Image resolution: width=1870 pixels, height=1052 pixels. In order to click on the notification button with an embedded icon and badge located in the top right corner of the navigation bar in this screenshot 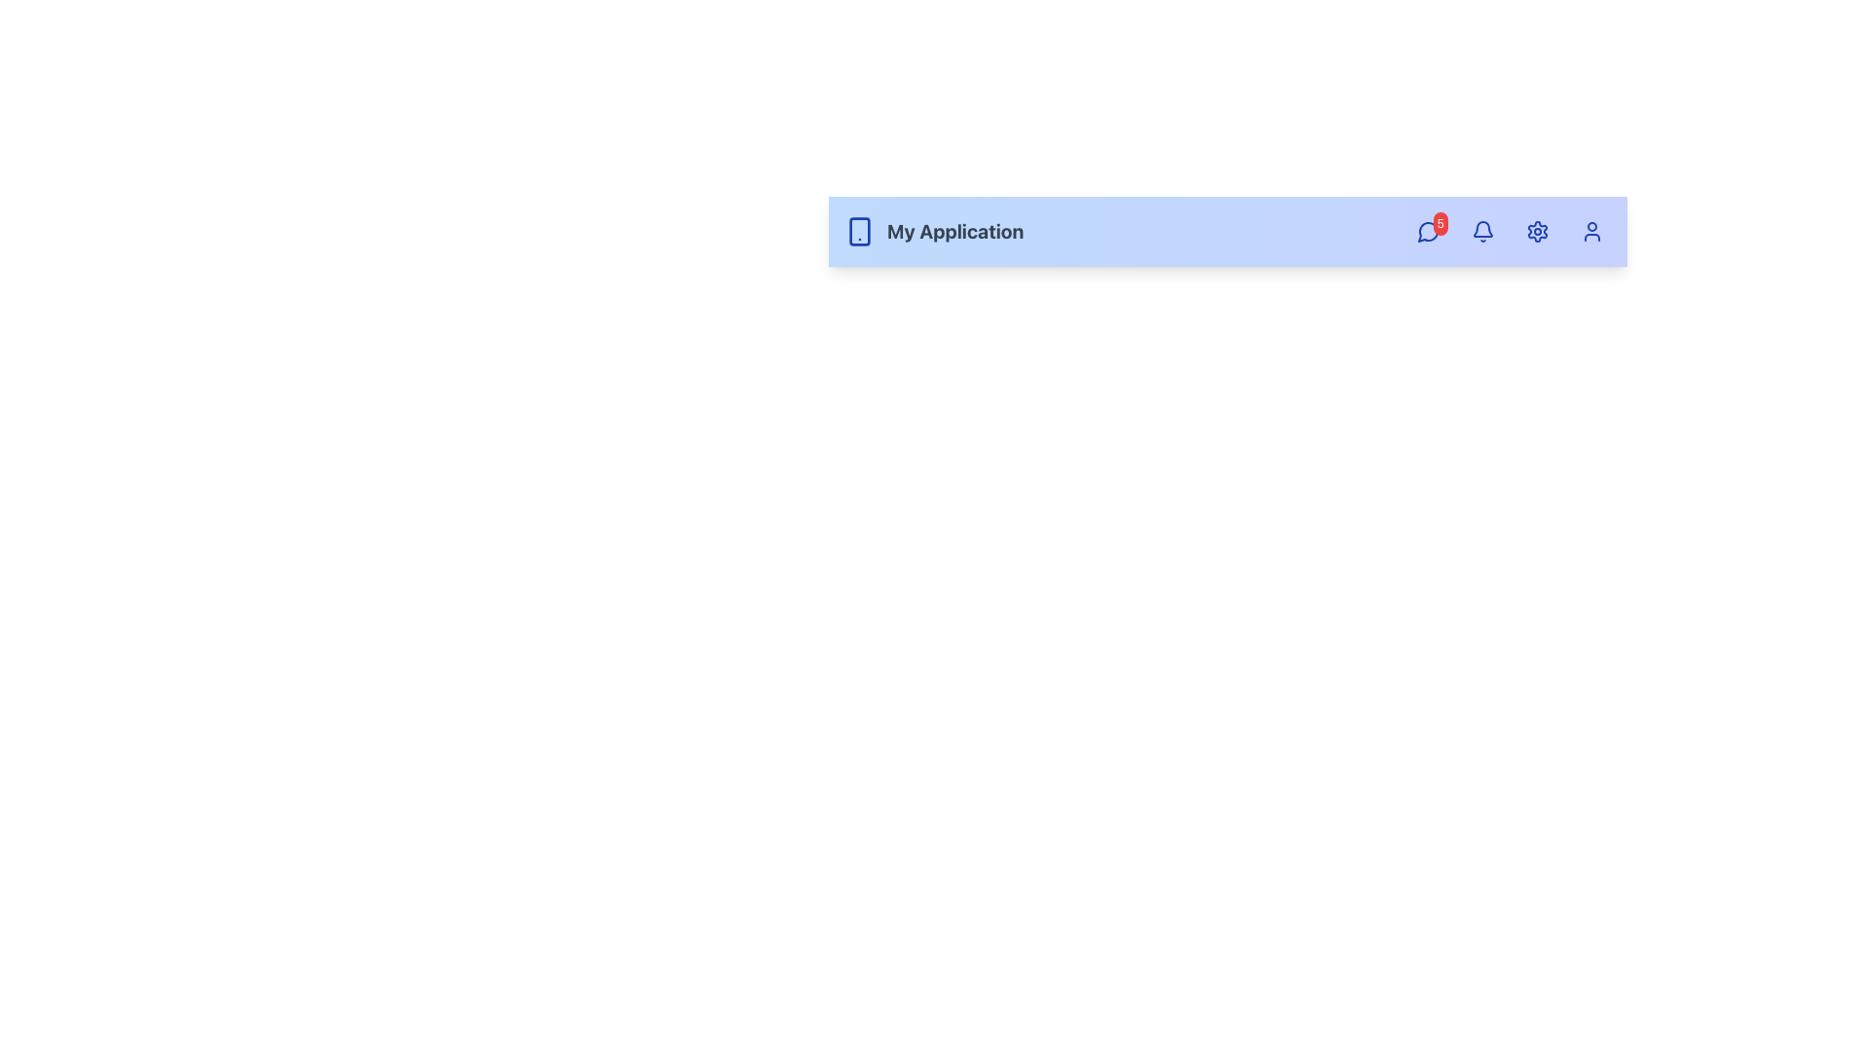, I will do `click(1429, 231)`.